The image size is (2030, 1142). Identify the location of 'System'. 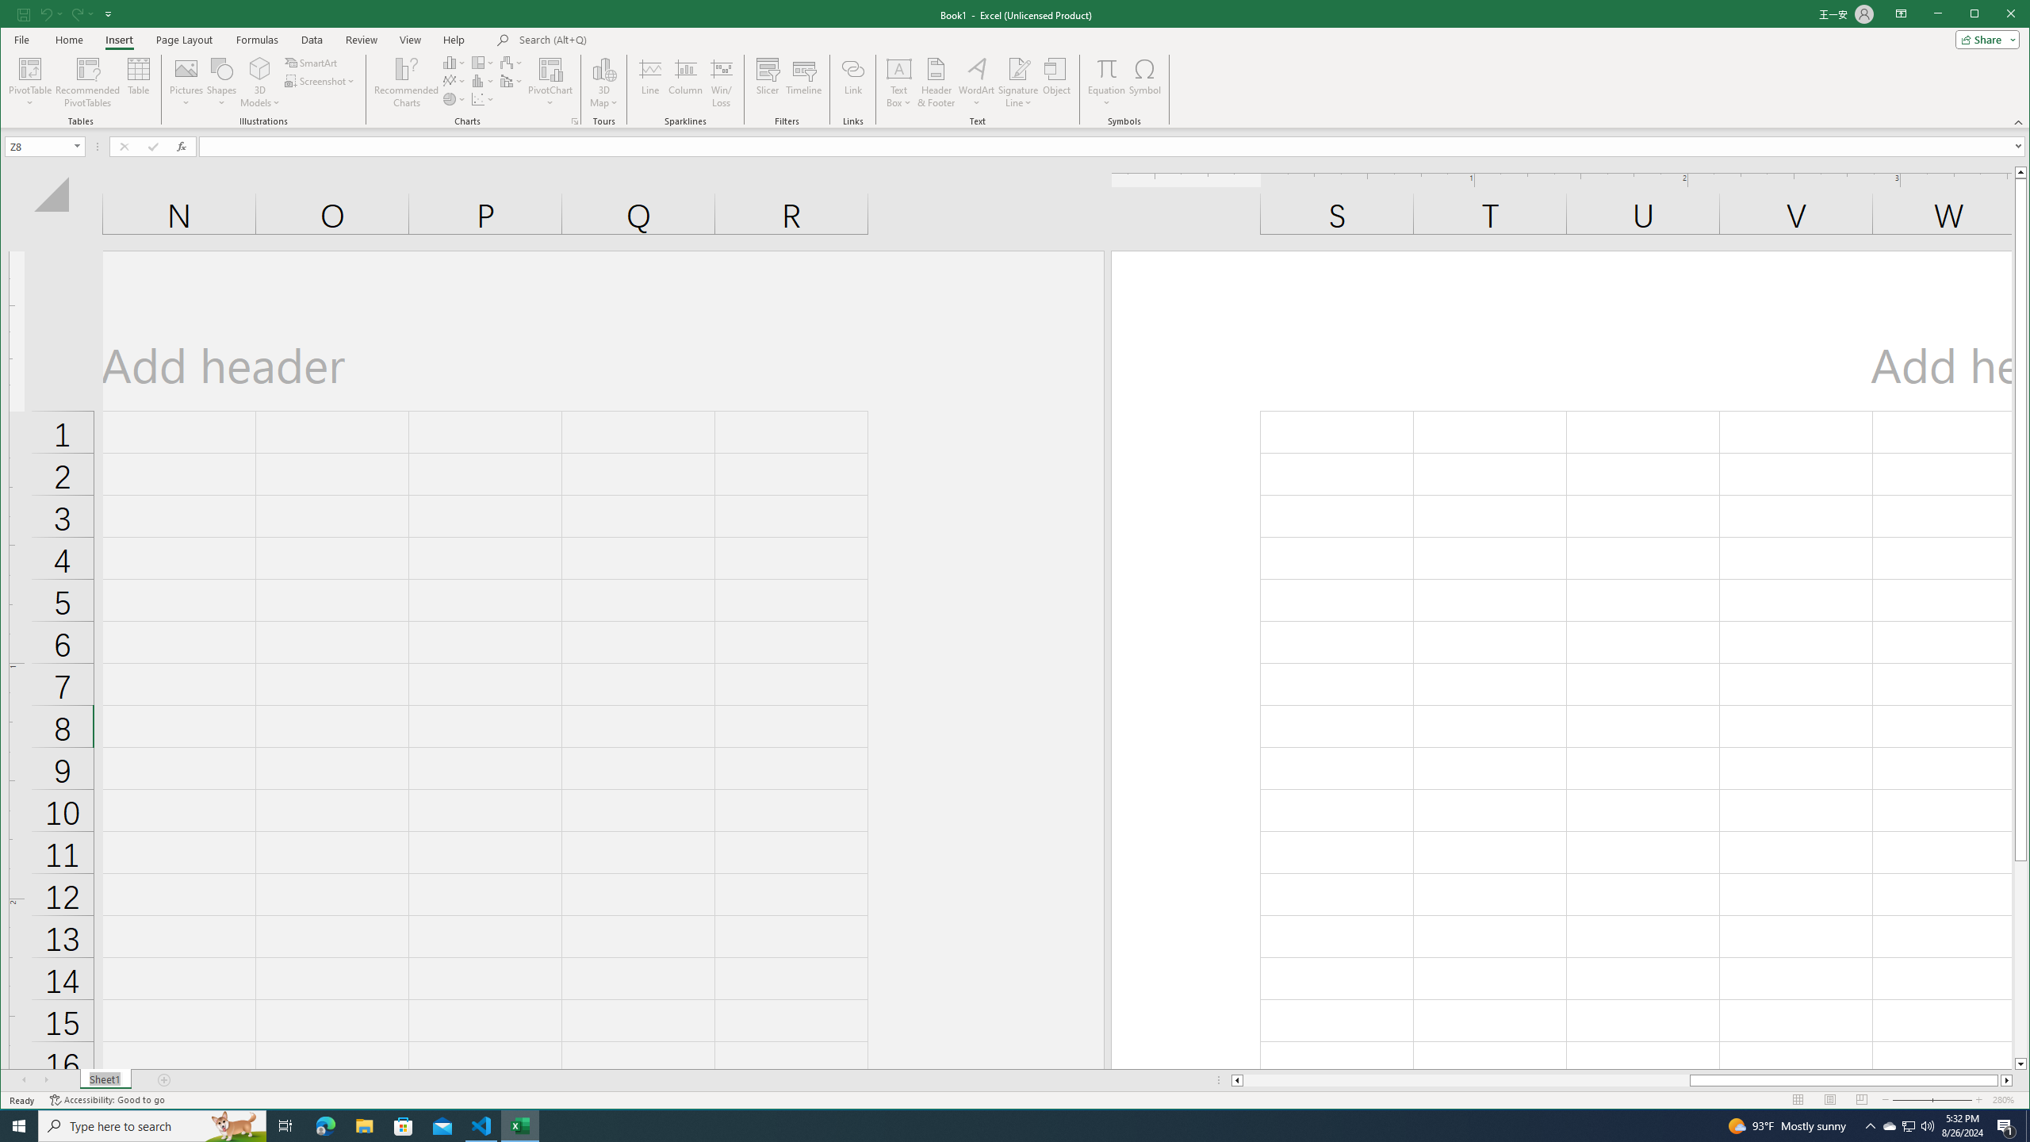
(15, 15).